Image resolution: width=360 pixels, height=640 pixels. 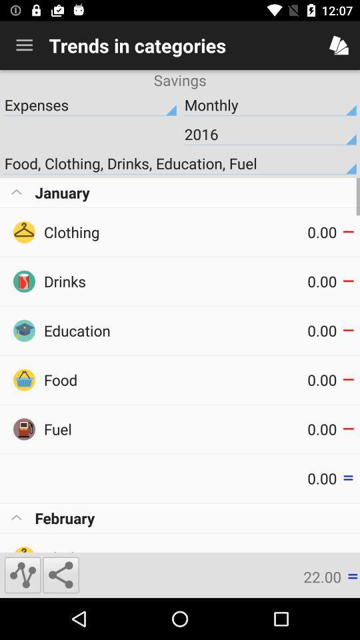 What do you see at coordinates (60, 574) in the screenshot?
I see `the share icon` at bounding box center [60, 574].